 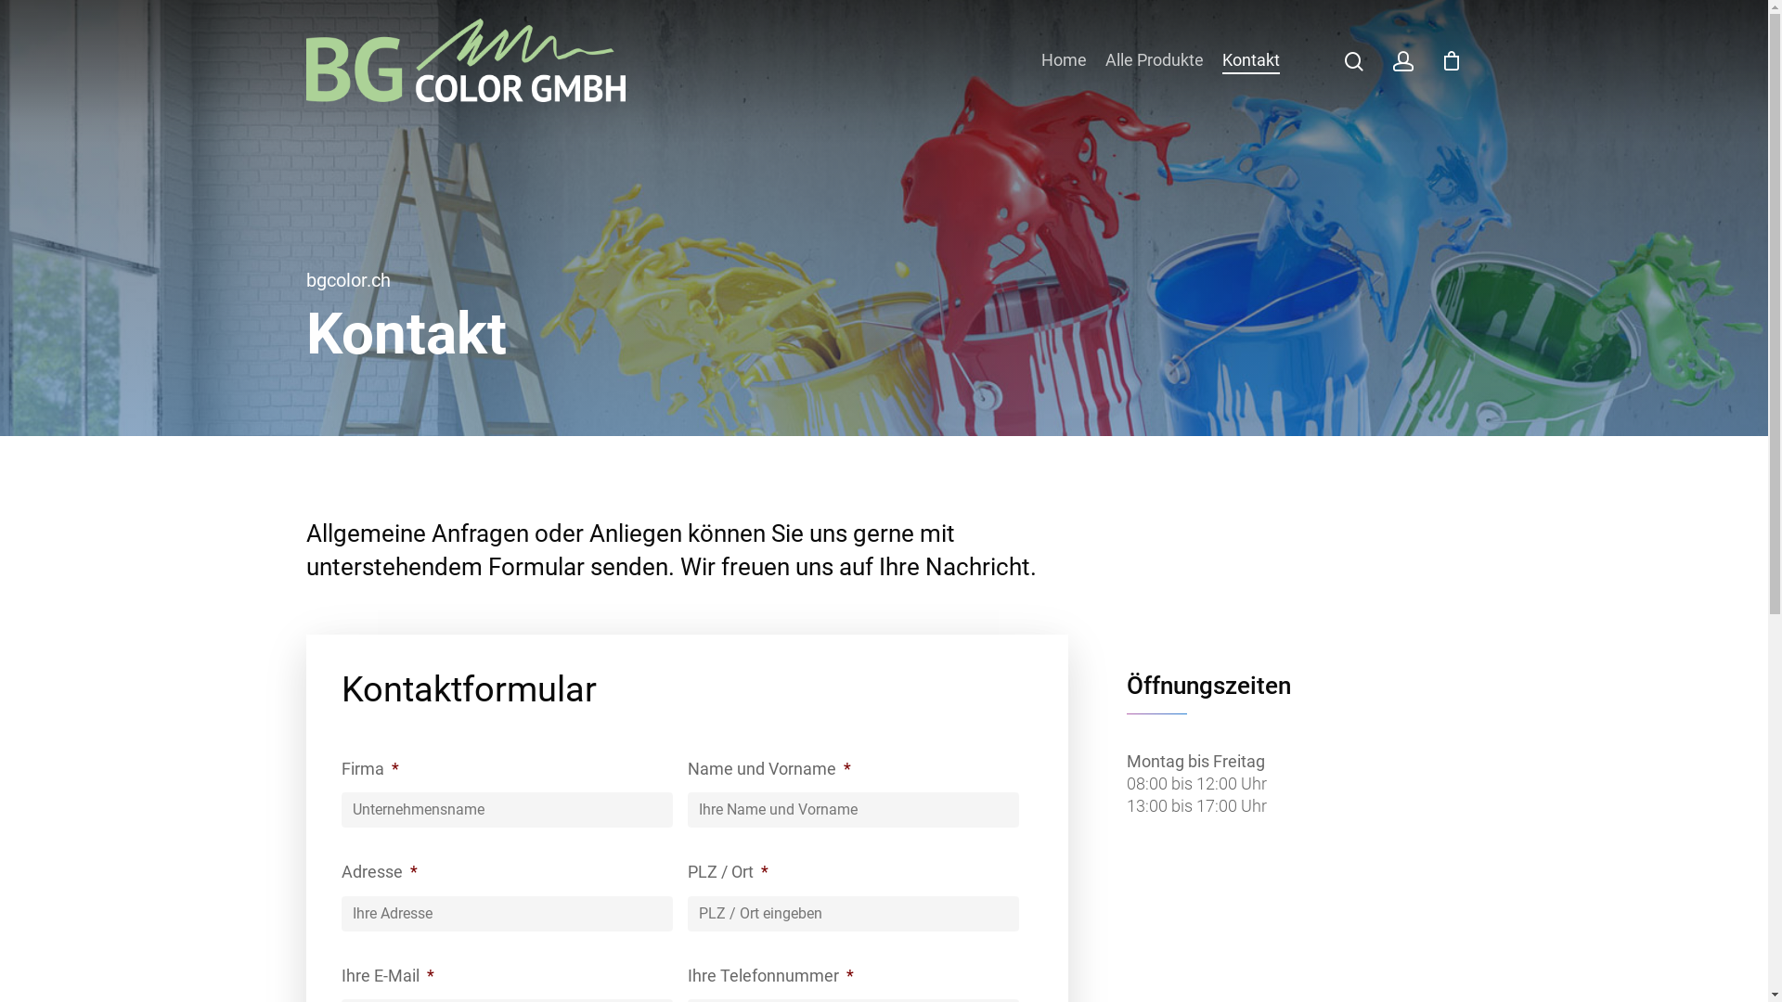 I want to click on 'Alle Produkte', so click(x=1153, y=59).